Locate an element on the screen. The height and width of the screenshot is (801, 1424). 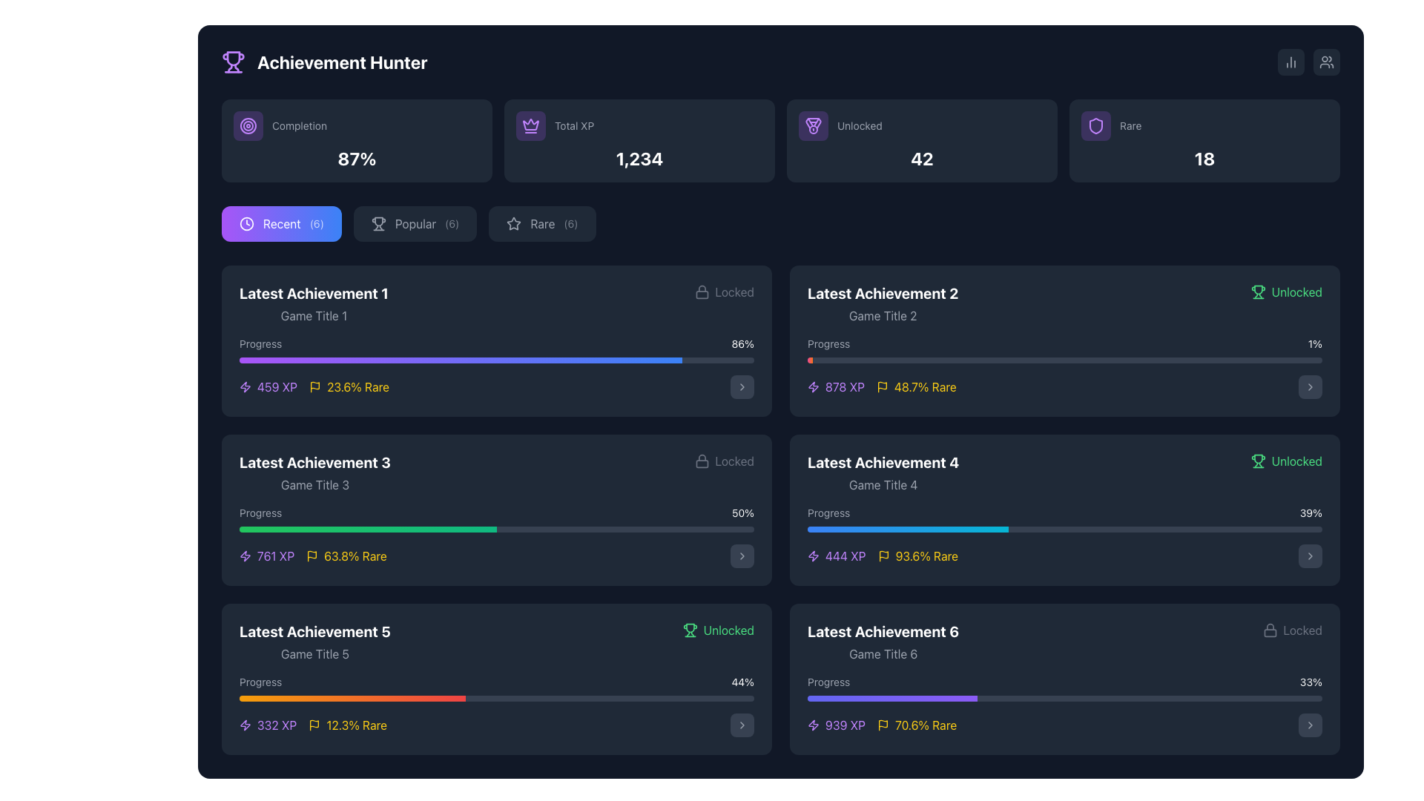
the text label displaying 'Rare' in gray color, located within a dark-themed card in the top row, fourth column, to read the text is located at coordinates (1130, 125).